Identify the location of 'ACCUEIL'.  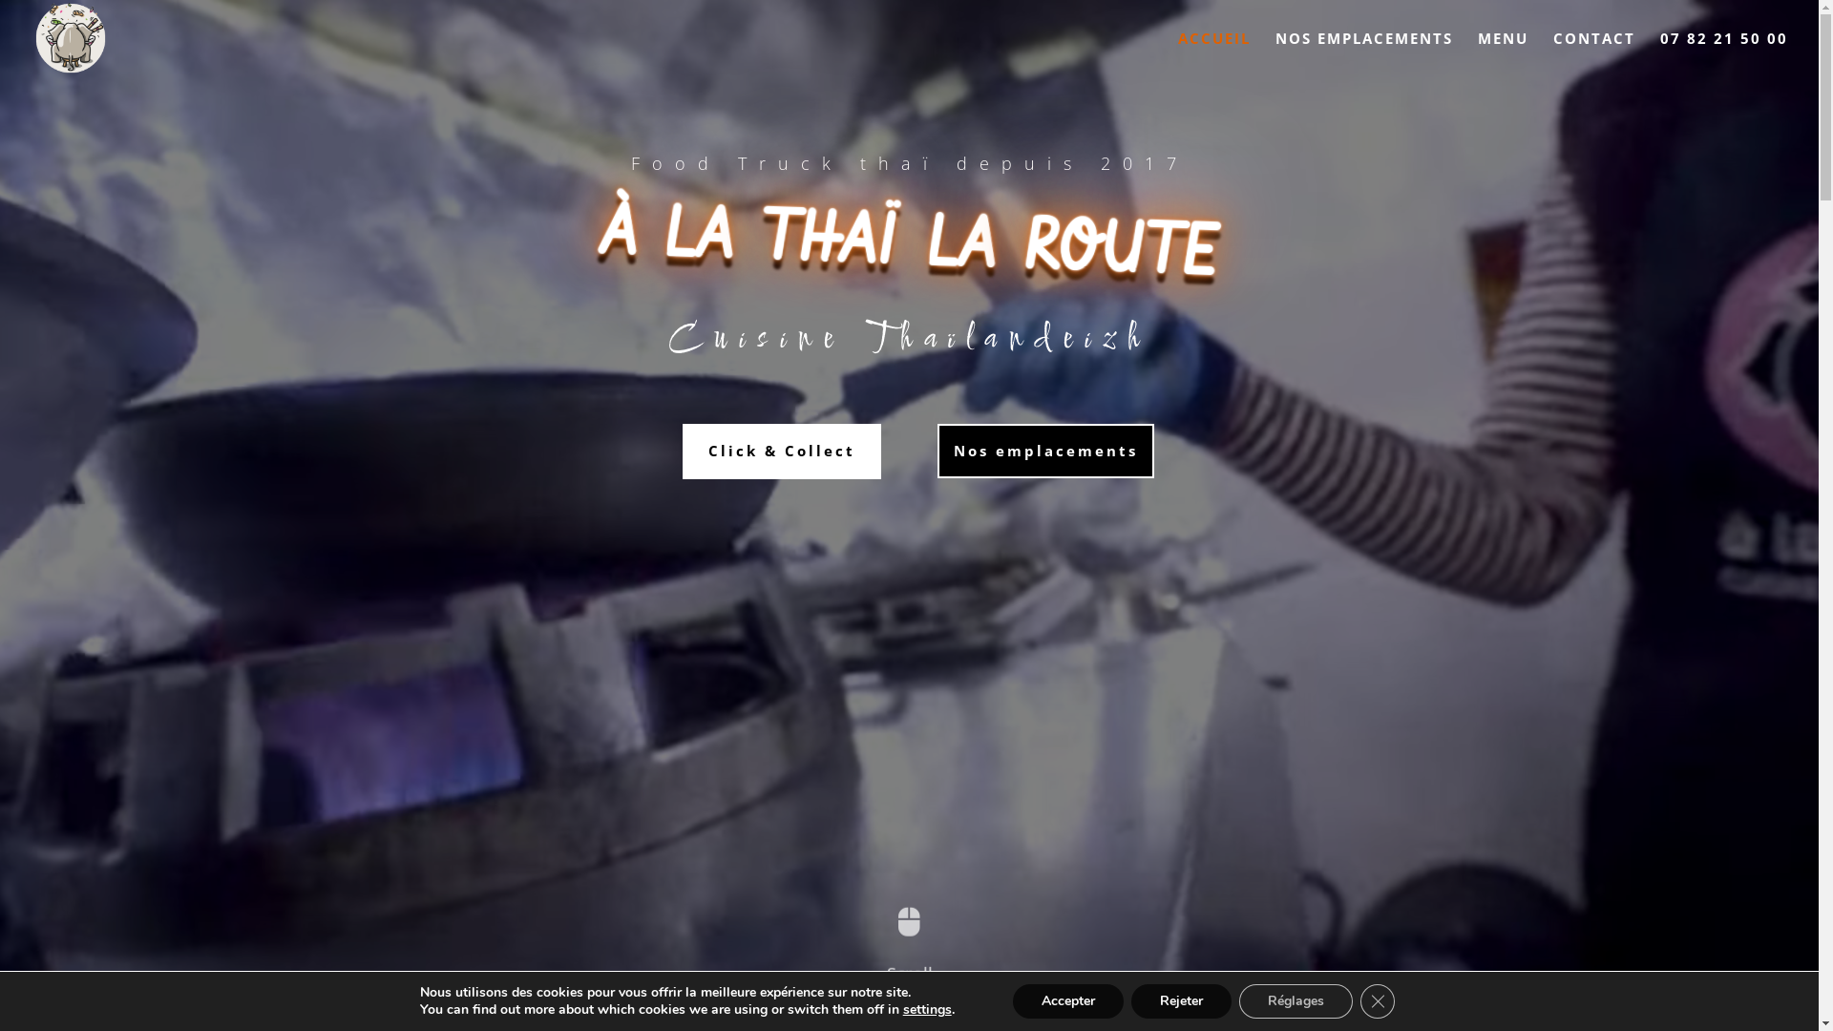
(1213, 53).